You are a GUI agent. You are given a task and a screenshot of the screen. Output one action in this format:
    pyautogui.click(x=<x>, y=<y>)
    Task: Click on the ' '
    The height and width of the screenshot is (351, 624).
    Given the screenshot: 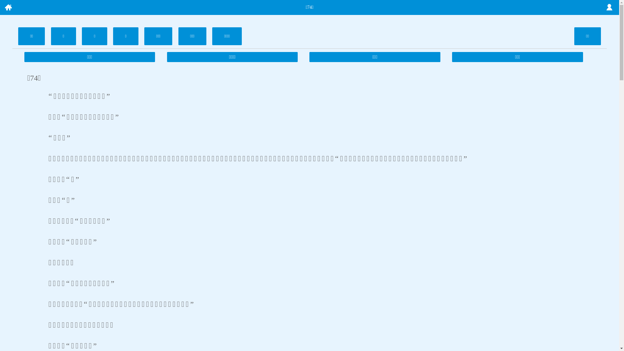 What is the action you would take?
    pyautogui.click(x=609, y=7)
    